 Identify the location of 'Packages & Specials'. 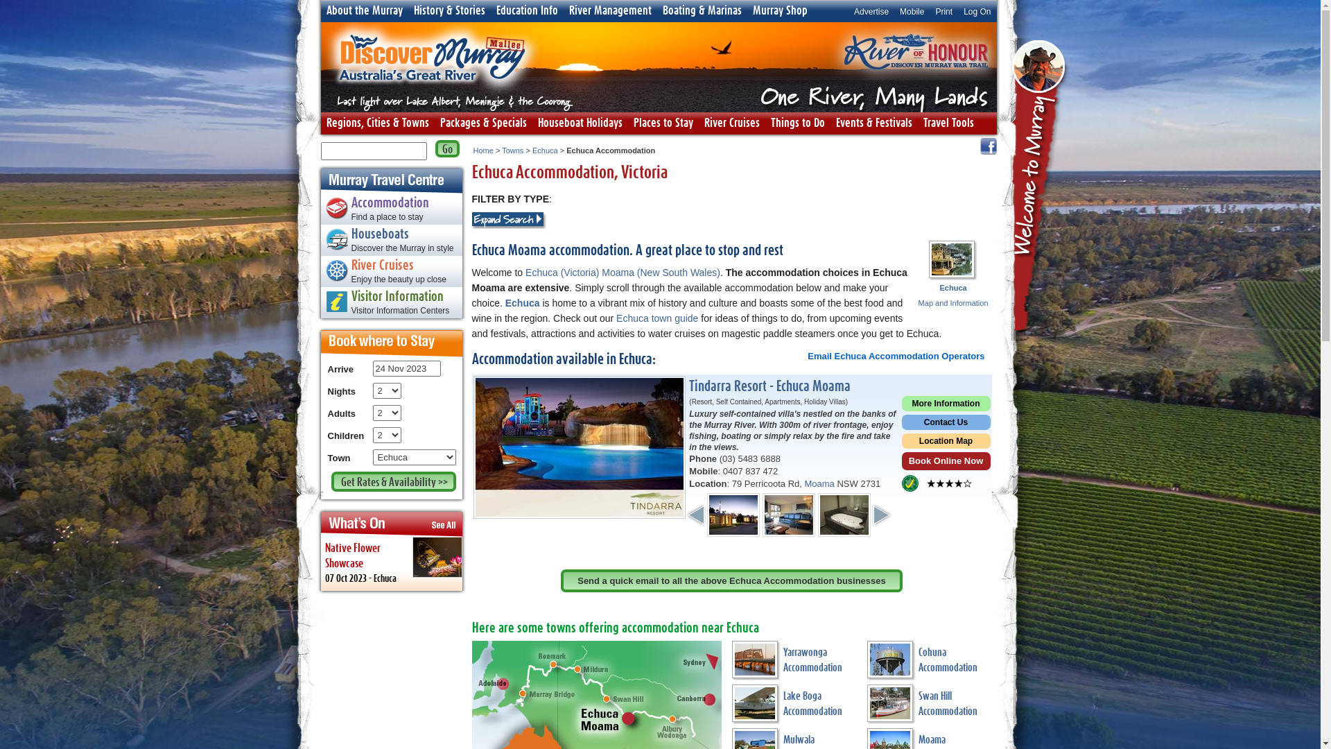
(482, 122).